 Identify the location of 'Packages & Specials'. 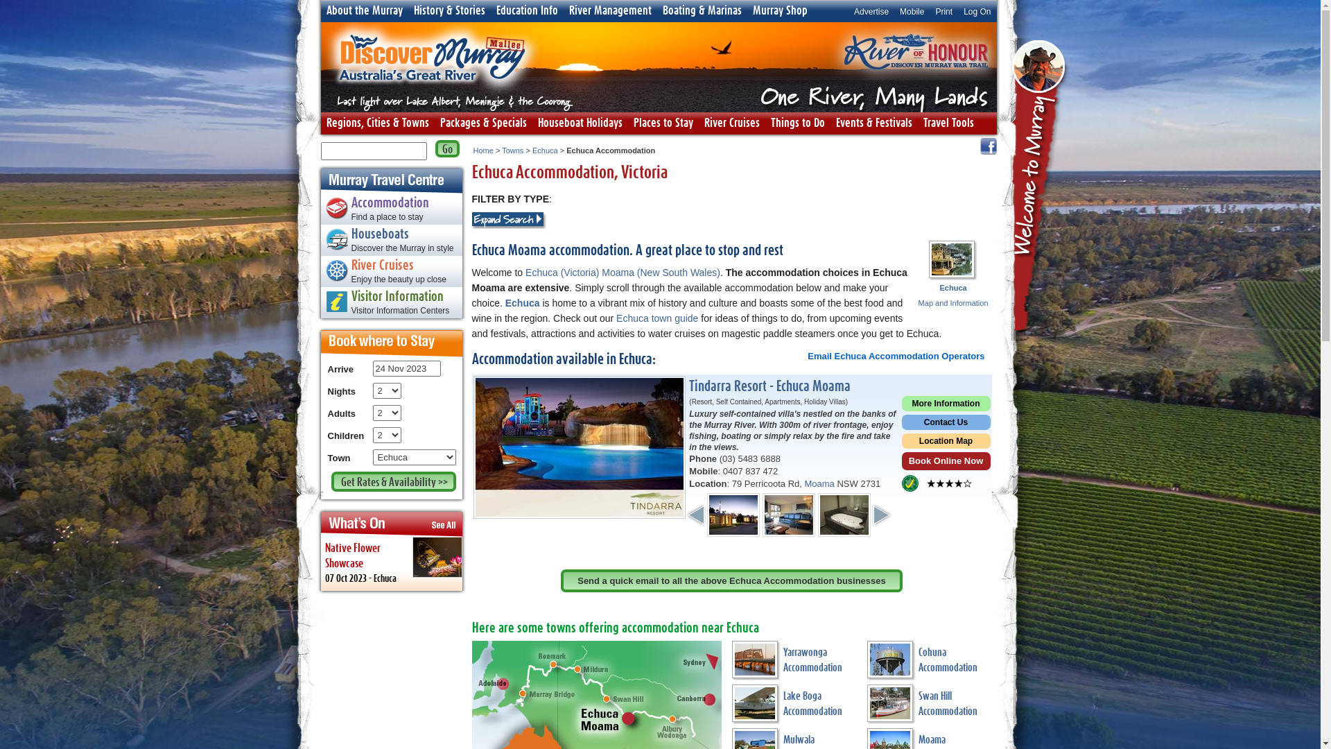
(482, 122).